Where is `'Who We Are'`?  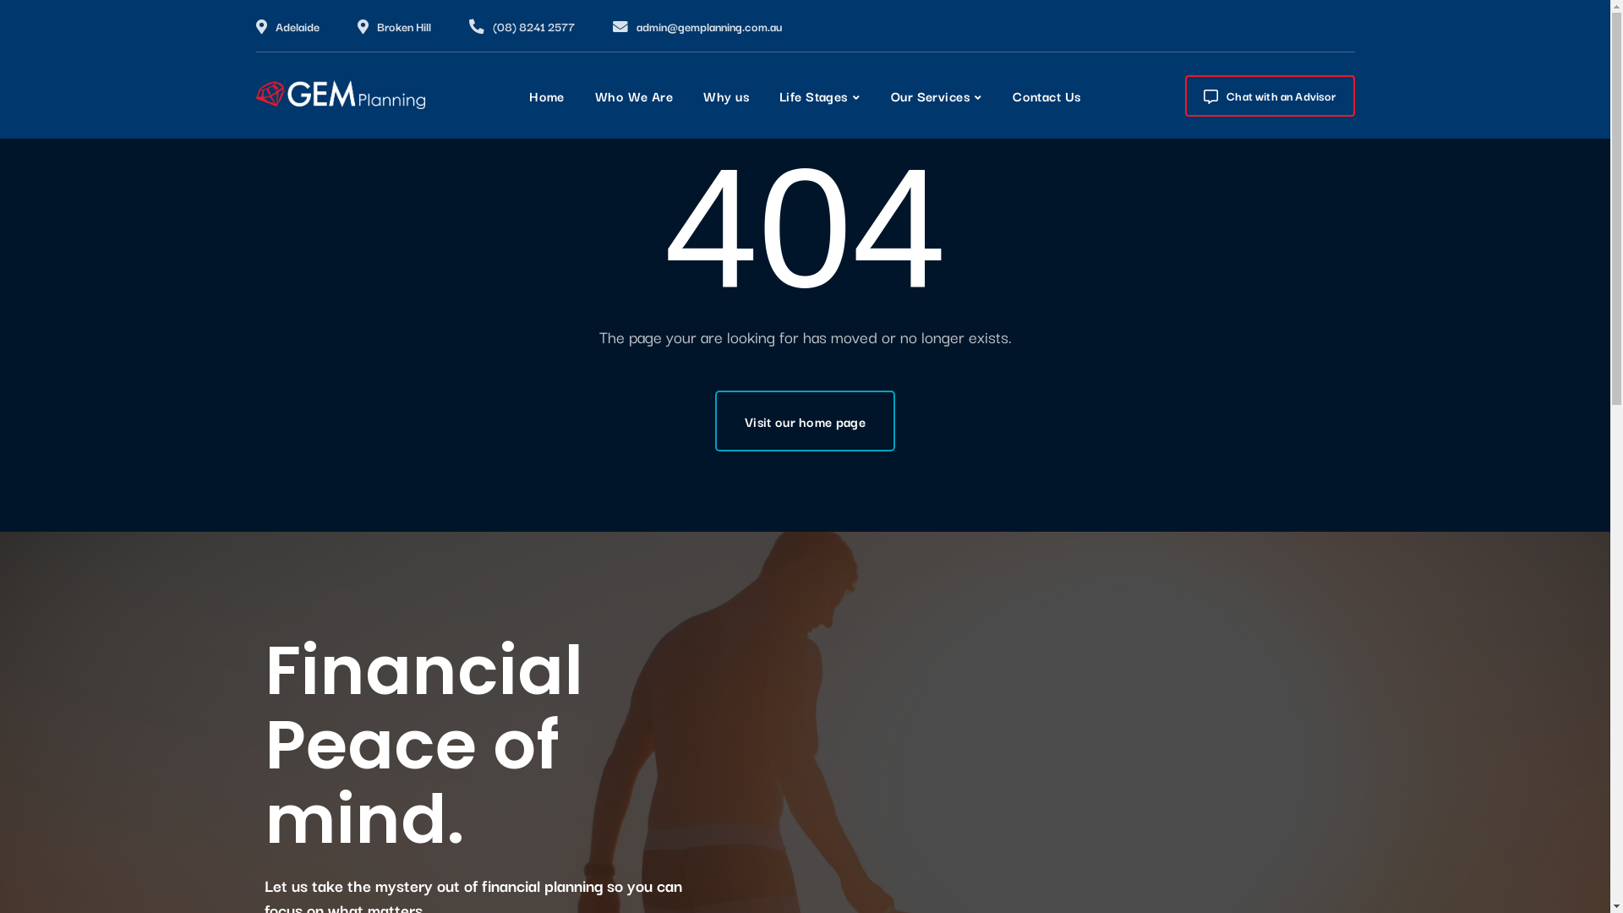 'Who We Are' is located at coordinates (632, 95).